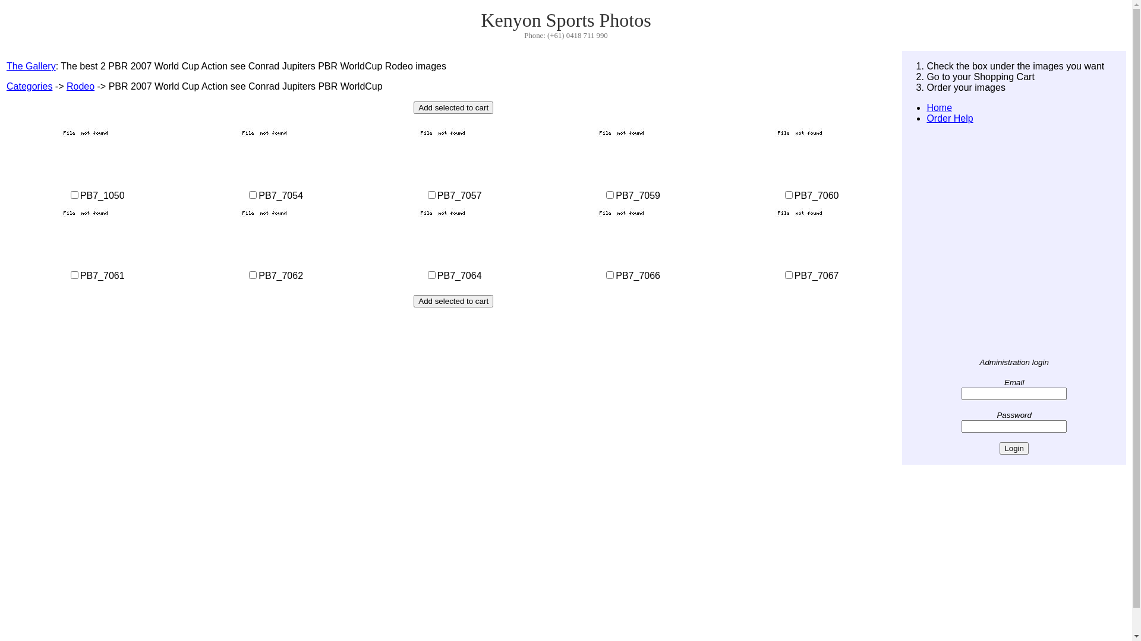  What do you see at coordinates (1013, 448) in the screenshot?
I see `'Login'` at bounding box center [1013, 448].